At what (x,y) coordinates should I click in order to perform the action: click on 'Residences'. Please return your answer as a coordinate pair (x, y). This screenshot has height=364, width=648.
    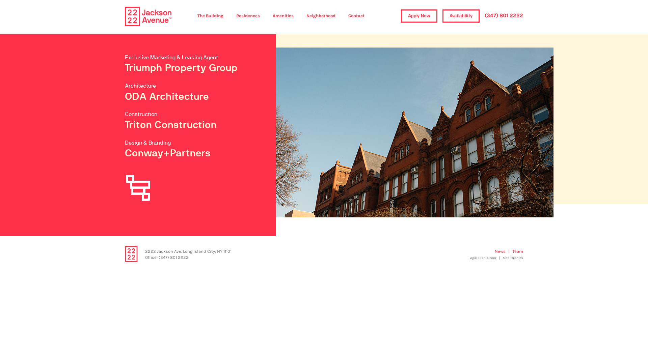
    Looking at the image, I should click on (247, 15).